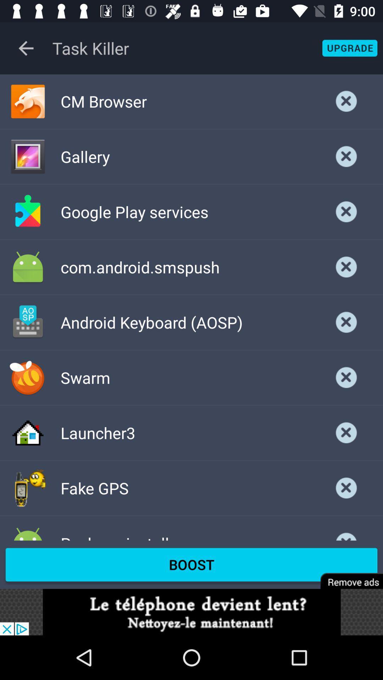  What do you see at coordinates (346, 531) in the screenshot?
I see `cancel option` at bounding box center [346, 531].